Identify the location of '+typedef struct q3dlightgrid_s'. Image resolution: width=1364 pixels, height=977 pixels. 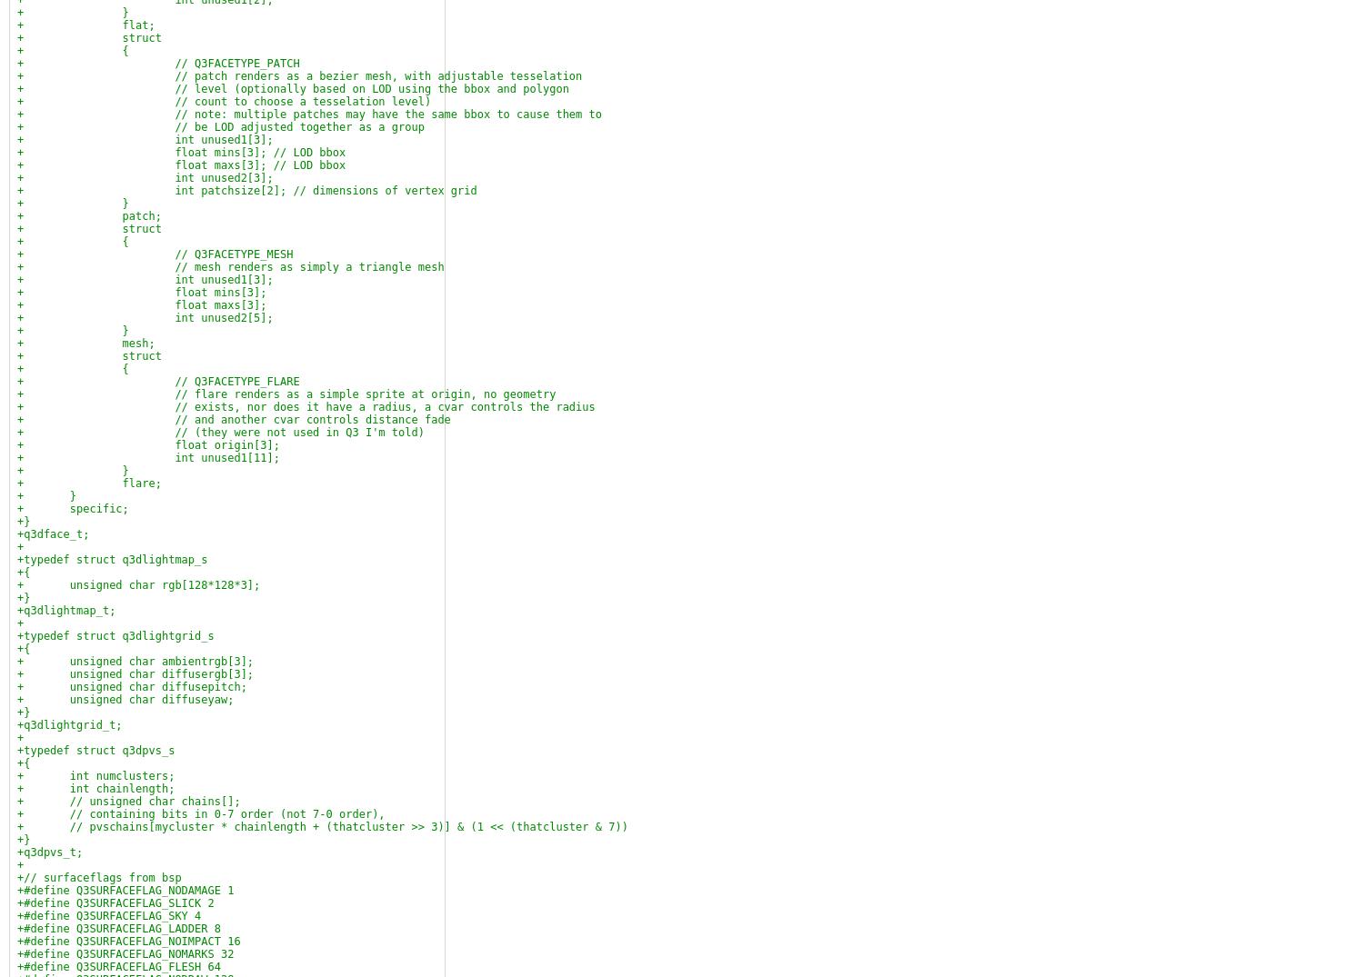
(115, 635).